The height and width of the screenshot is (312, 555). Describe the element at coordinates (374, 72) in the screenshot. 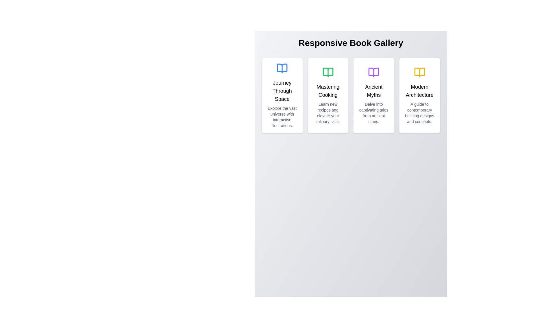

I see `the decorative icon representing the theme of the card labeled 'Ancient Myths', which is centrally aligned at the top of the card` at that location.